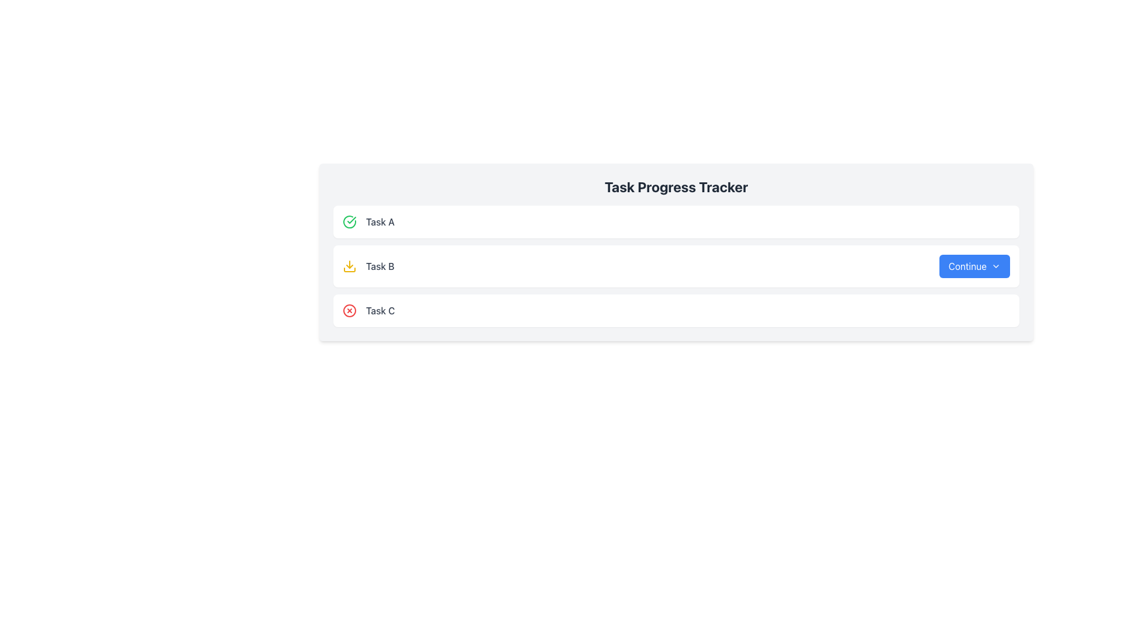 This screenshot has height=631, width=1121. What do you see at coordinates (368, 266) in the screenshot?
I see `the content of the text label for the second task, which is located beneath 'Task A' and above 'Task C' in the task list` at bounding box center [368, 266].